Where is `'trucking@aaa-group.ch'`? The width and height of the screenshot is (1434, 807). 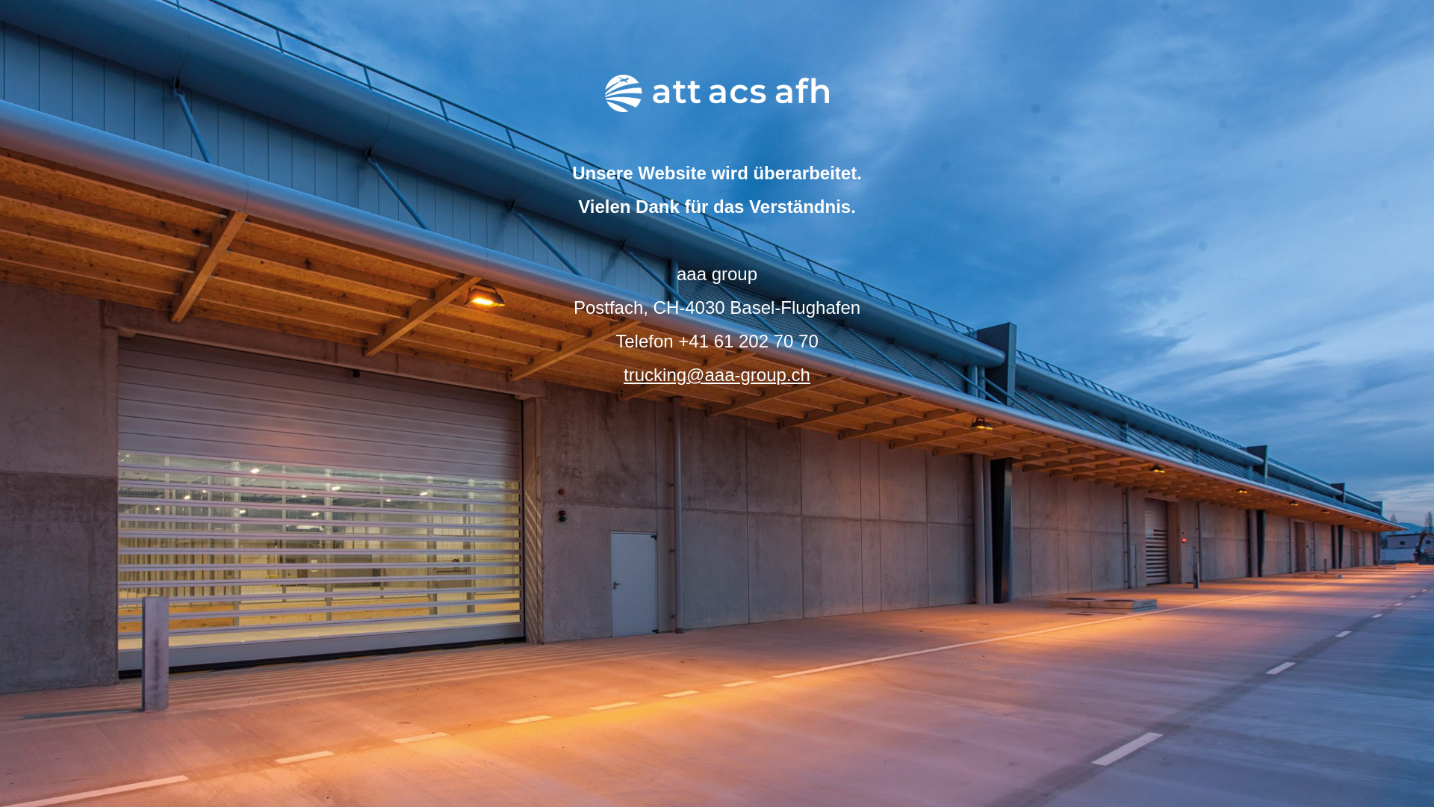 'trucking@aaa-group.ch' is located at coordinates (717, 374).